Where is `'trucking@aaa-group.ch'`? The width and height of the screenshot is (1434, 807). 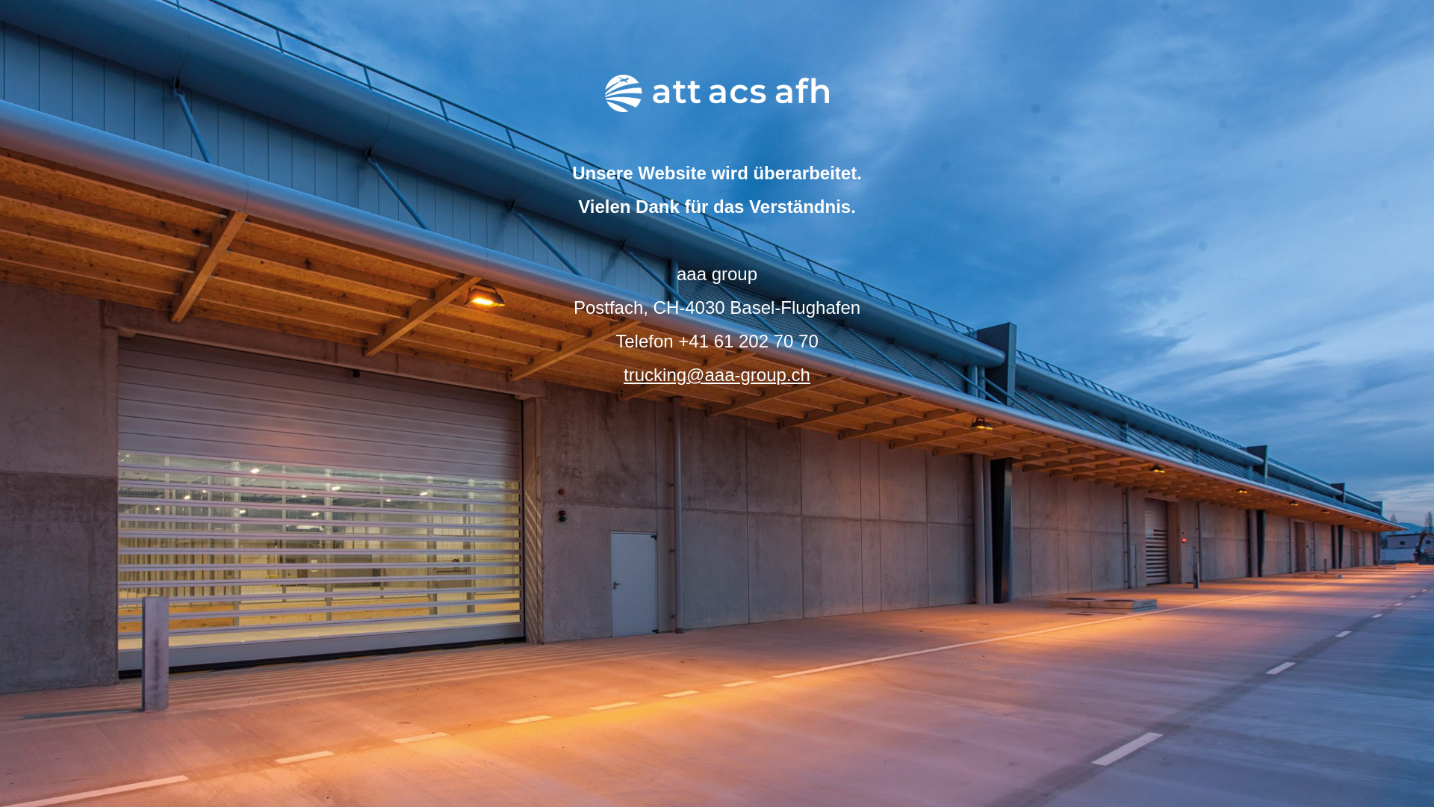 'trucking@aaa-group.ch' is located at coordinates (717, 374).